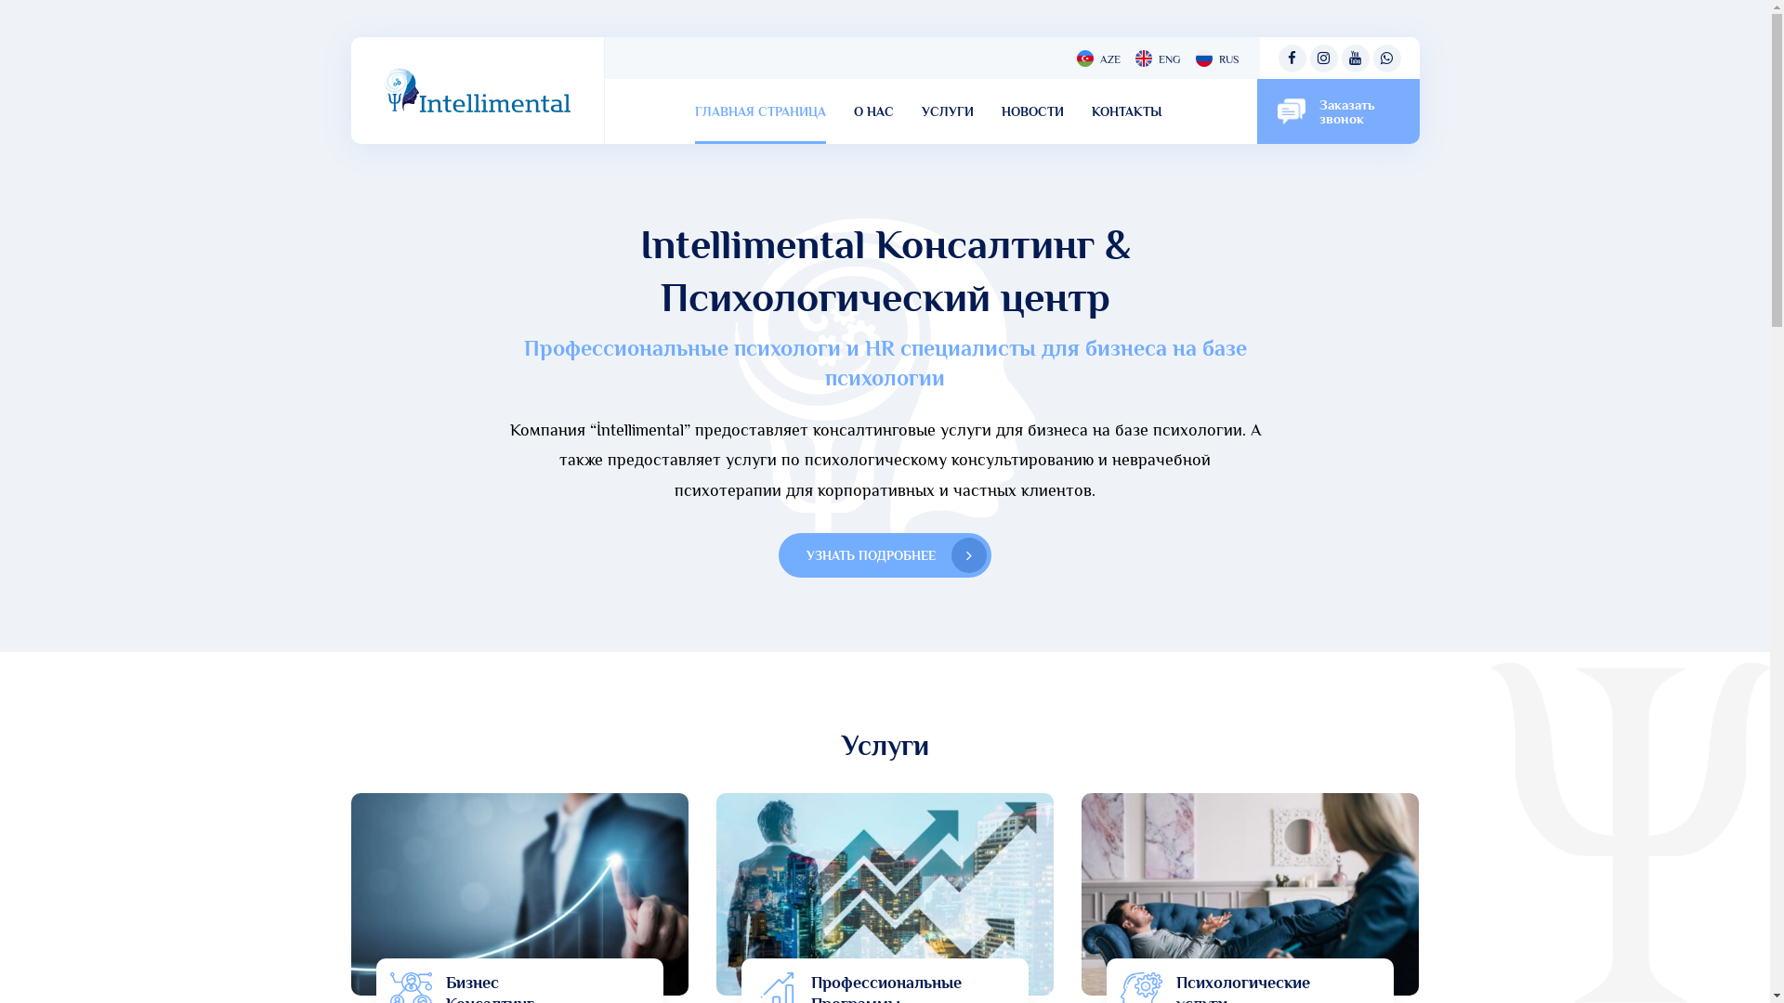  Describe the element at coordinates (1195, 57) in the screenshot. I see `'RUS'` at that location.